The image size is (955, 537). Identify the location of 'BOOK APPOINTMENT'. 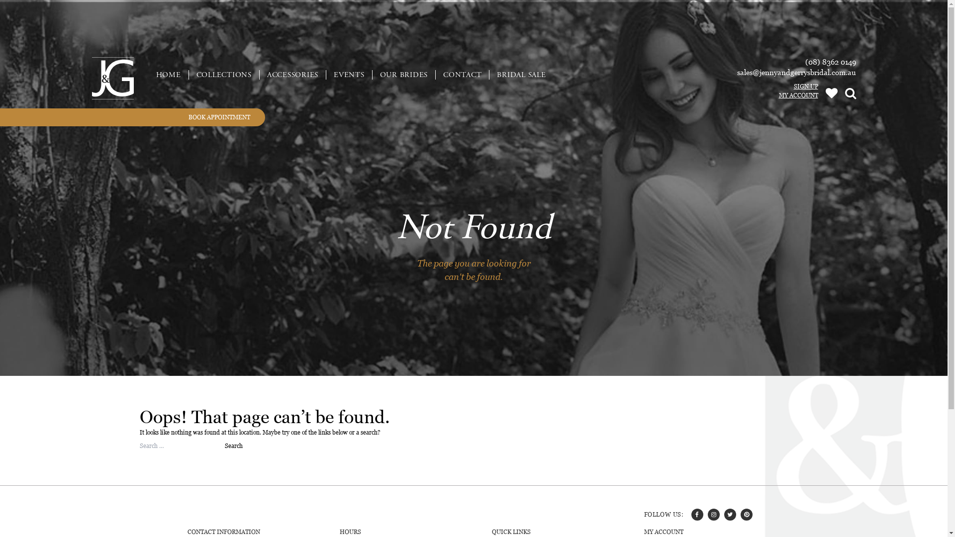
(132, 116).